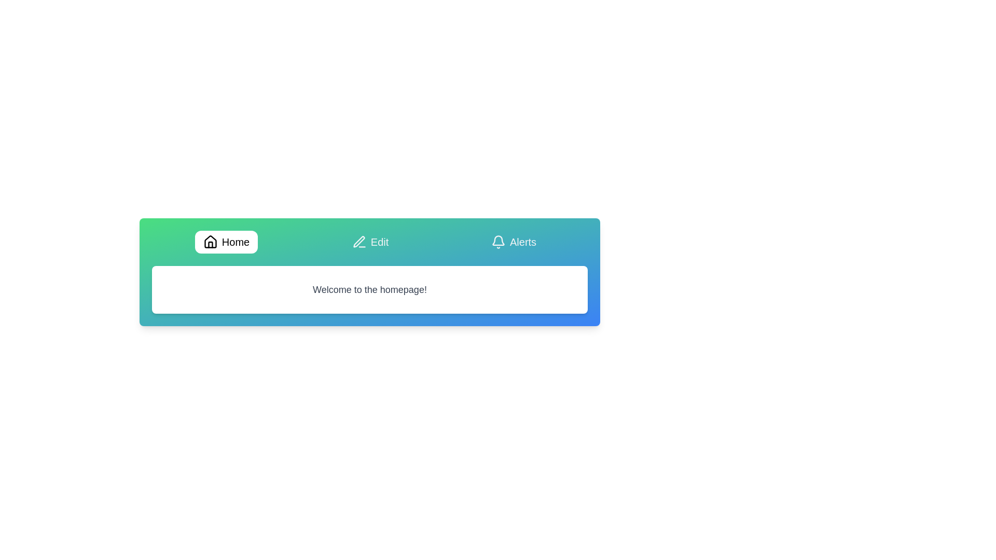  What do you see at coordinates (514, 242) in the screenshot?
I see `the tab labeled Alerts to view its content` at bounding box center [514, 242].